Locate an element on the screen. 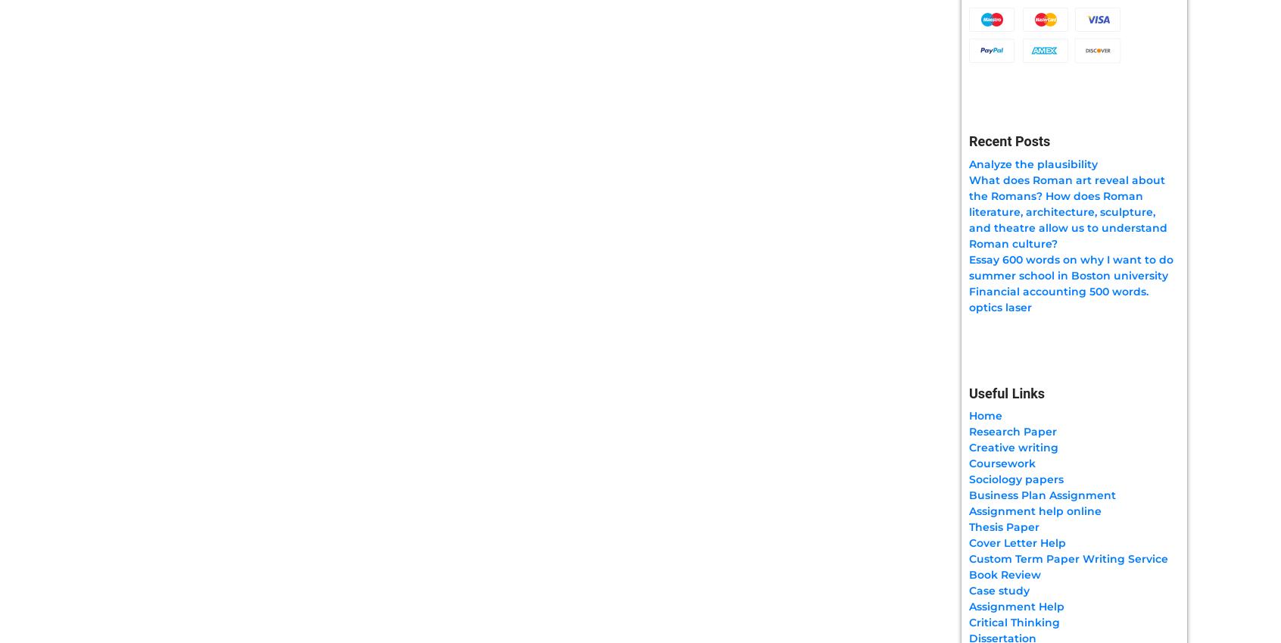 The height and width of the screenshot is (643, 1281). 'Cover Letter Help' is located at coordinates (1017, 542).